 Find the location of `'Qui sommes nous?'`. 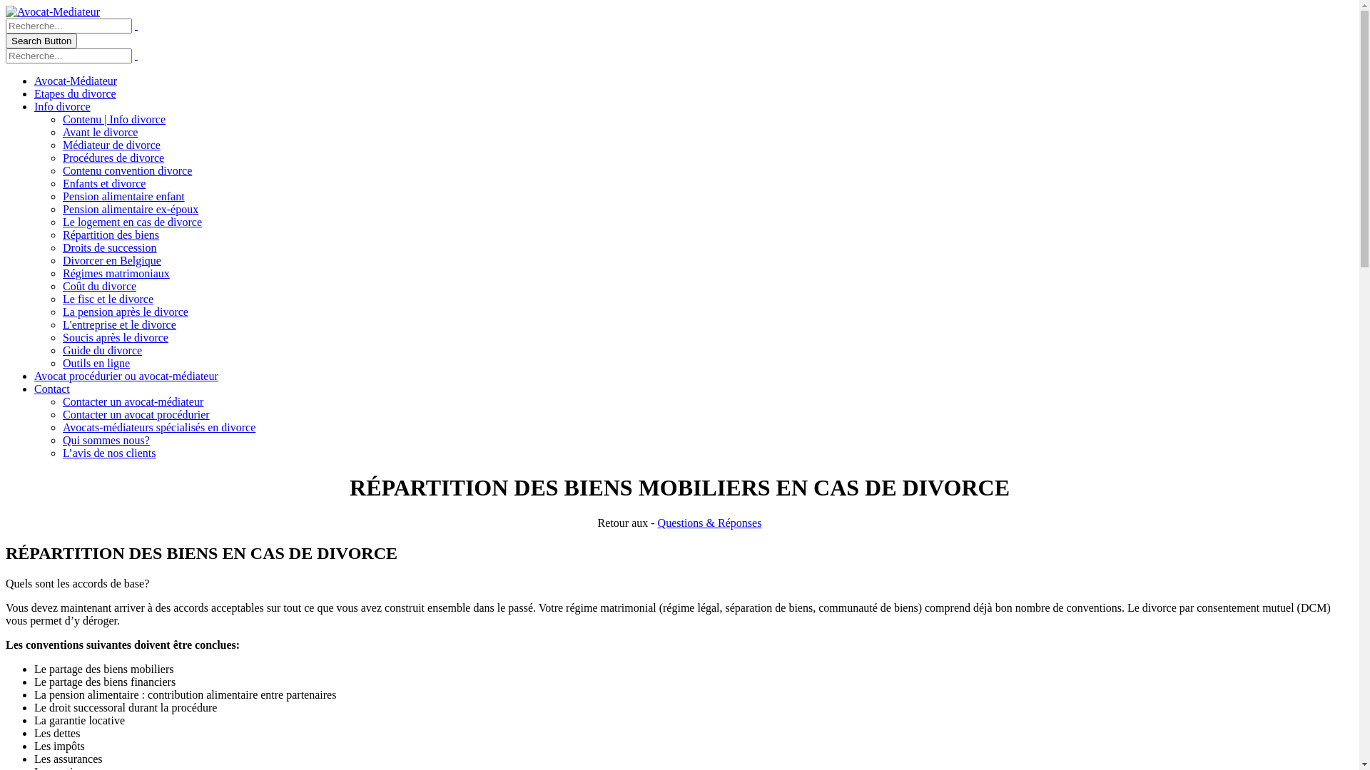

'Qui sommes nous?' is located at coordinates (105, 439).